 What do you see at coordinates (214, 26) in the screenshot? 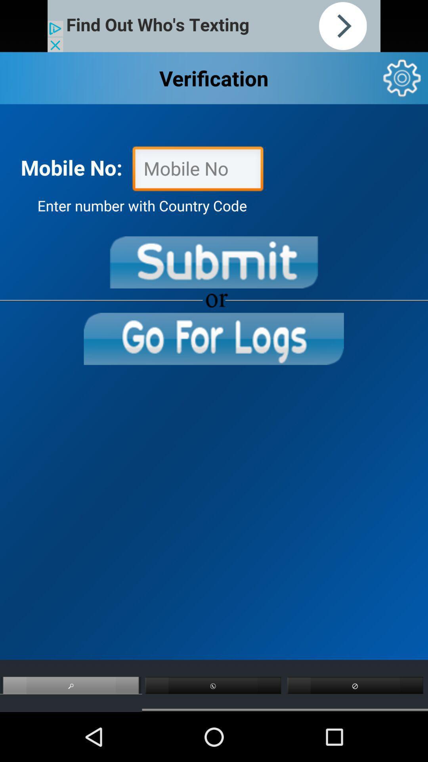
I see `link to advertisement` at bounding box center [214, 26].